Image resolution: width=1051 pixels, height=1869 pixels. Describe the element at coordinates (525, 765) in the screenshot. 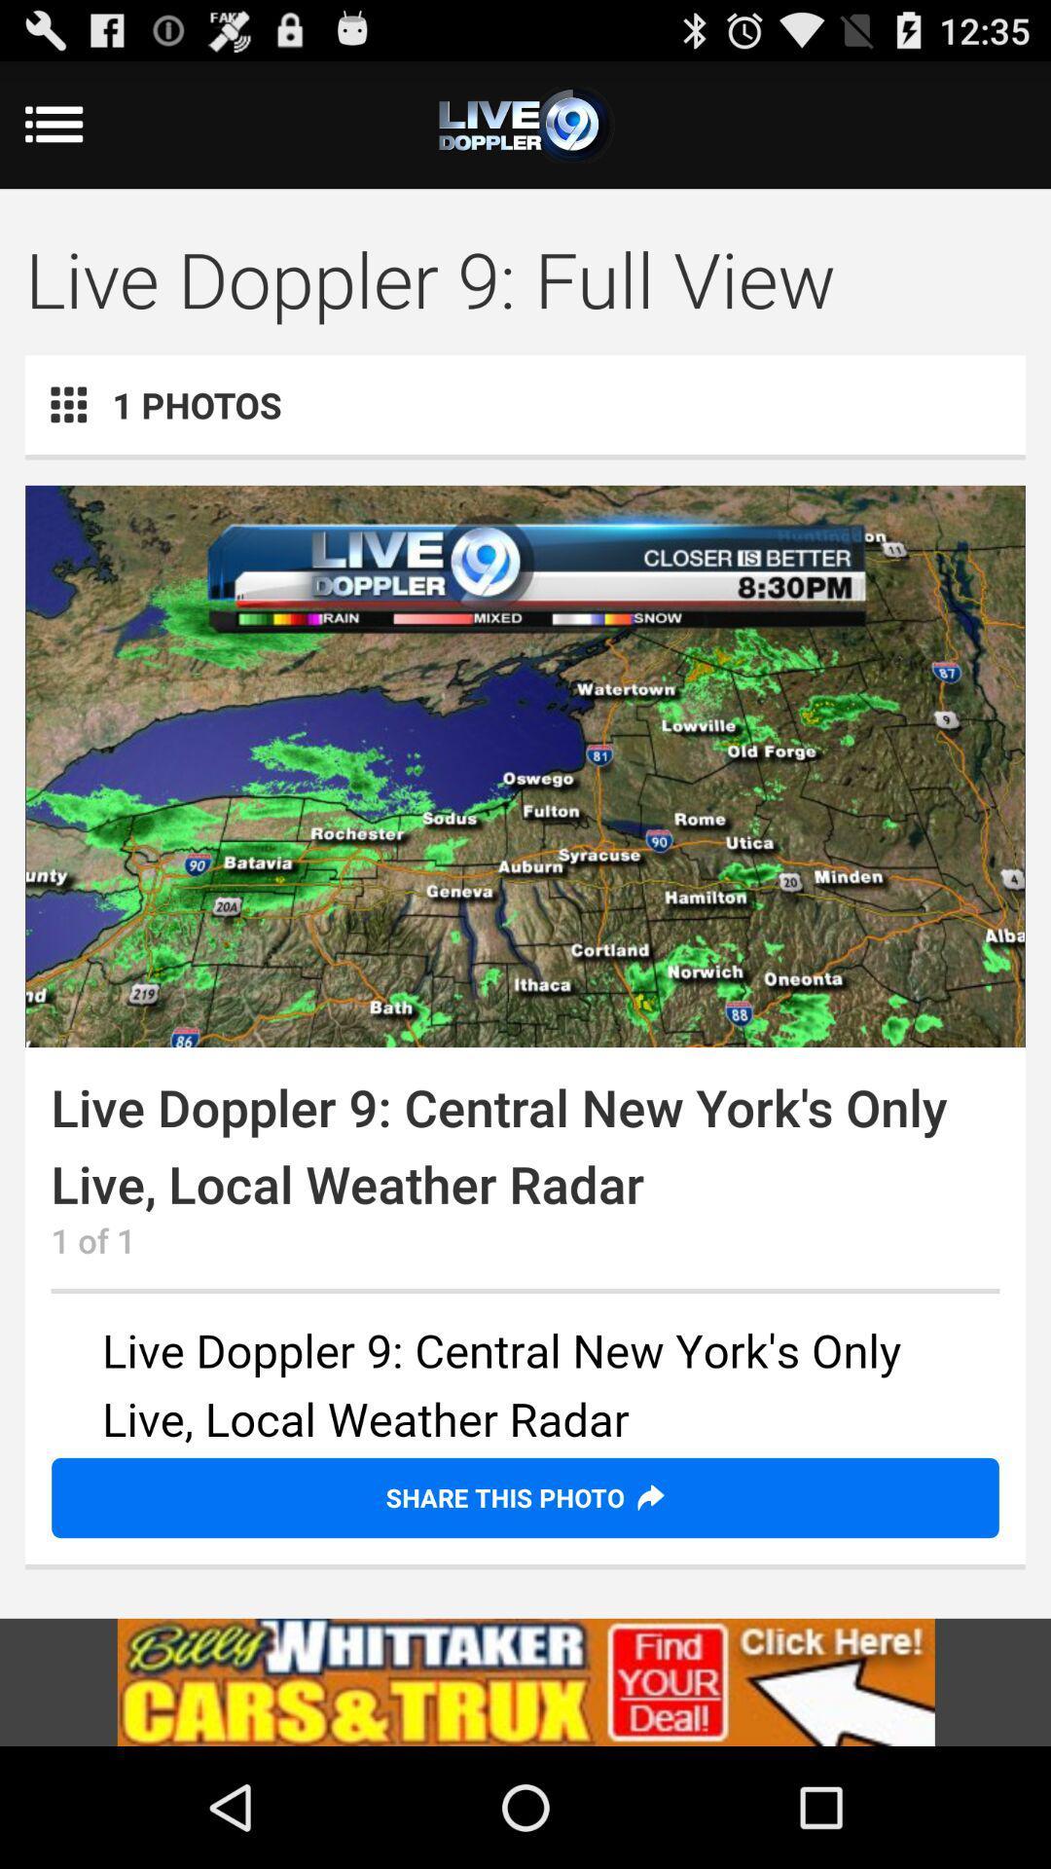

I see `show live radar` at that location.